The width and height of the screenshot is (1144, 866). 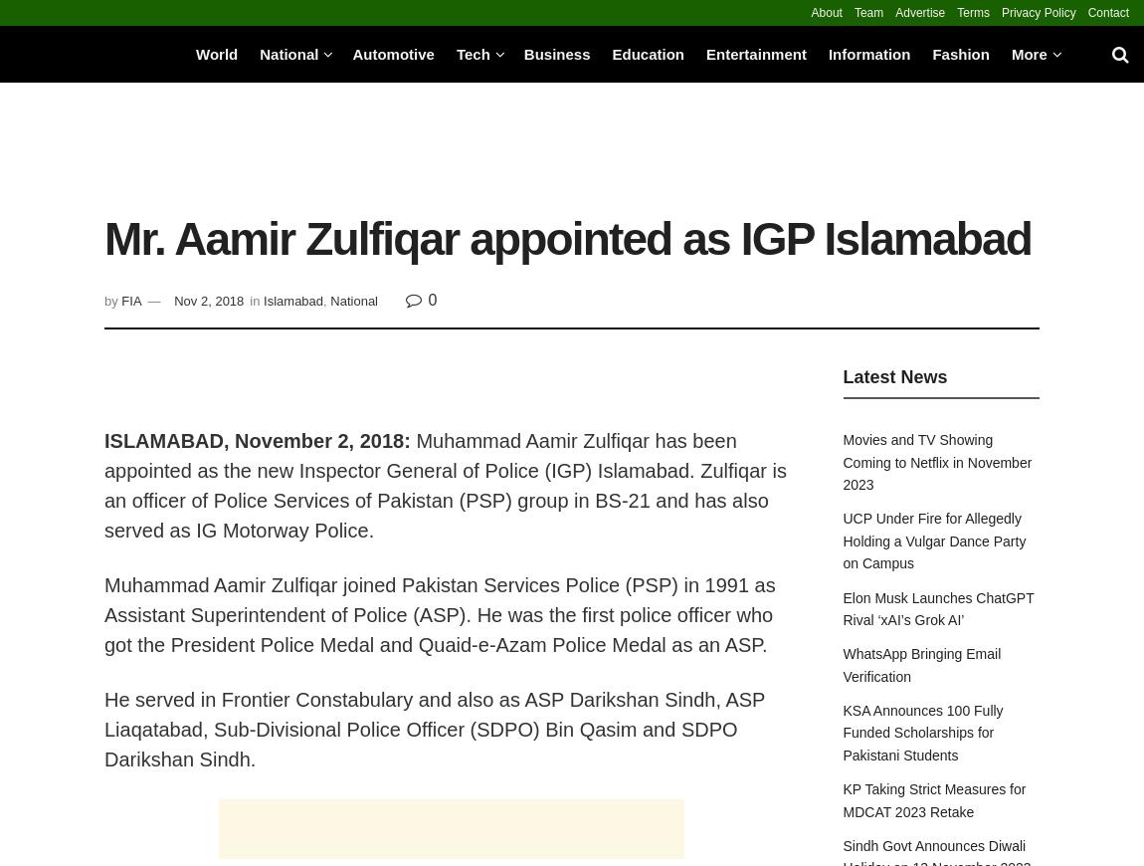 What do you see at coordinates (326, 300) in the screenshot?
I see `','` at bounding box center [326, 300].